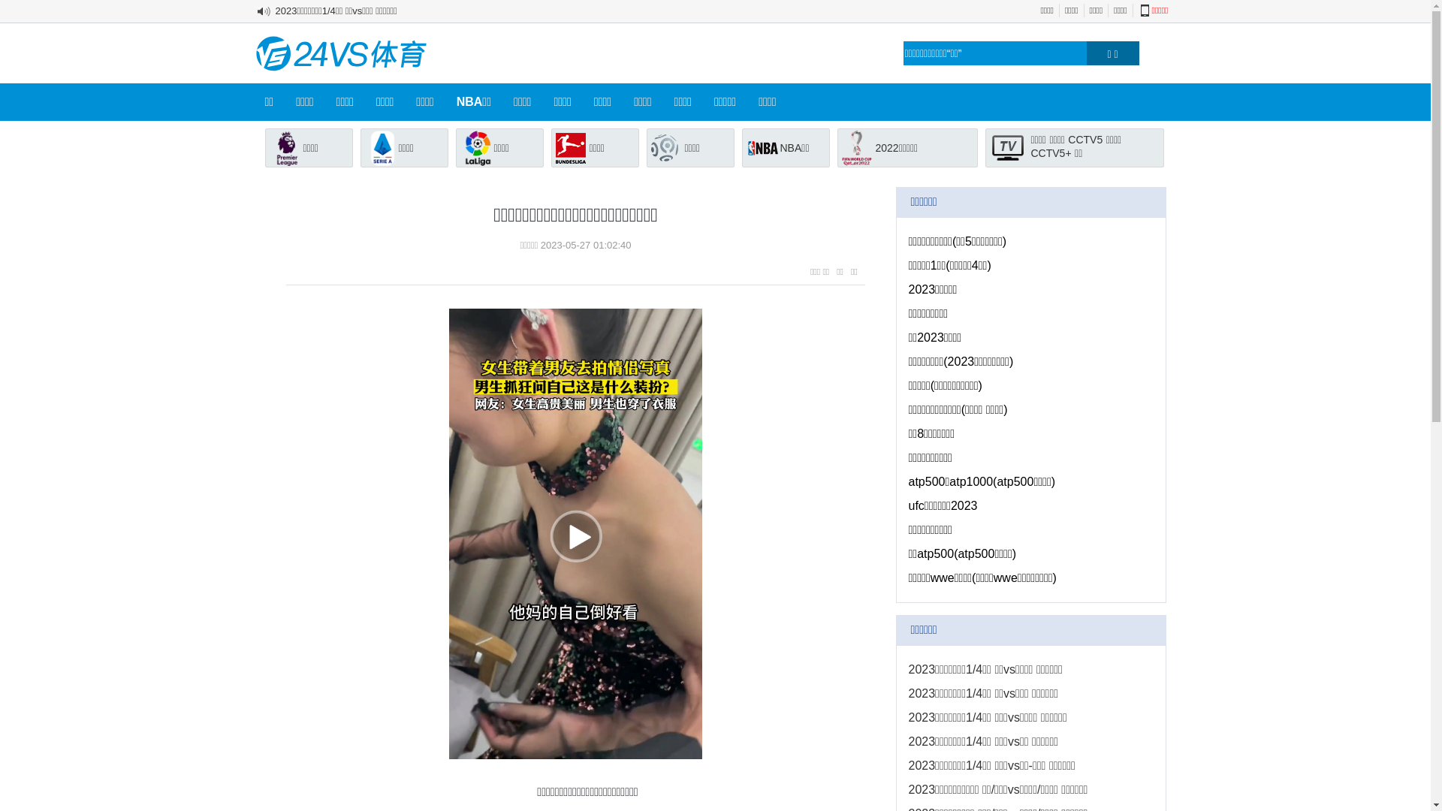 The height and width of the screenshot is (811, 1442). What do you see at coordinates (1049, 153) in the screenshot?
I see `'CCTV5+'` at bounding box center [1049, 153].